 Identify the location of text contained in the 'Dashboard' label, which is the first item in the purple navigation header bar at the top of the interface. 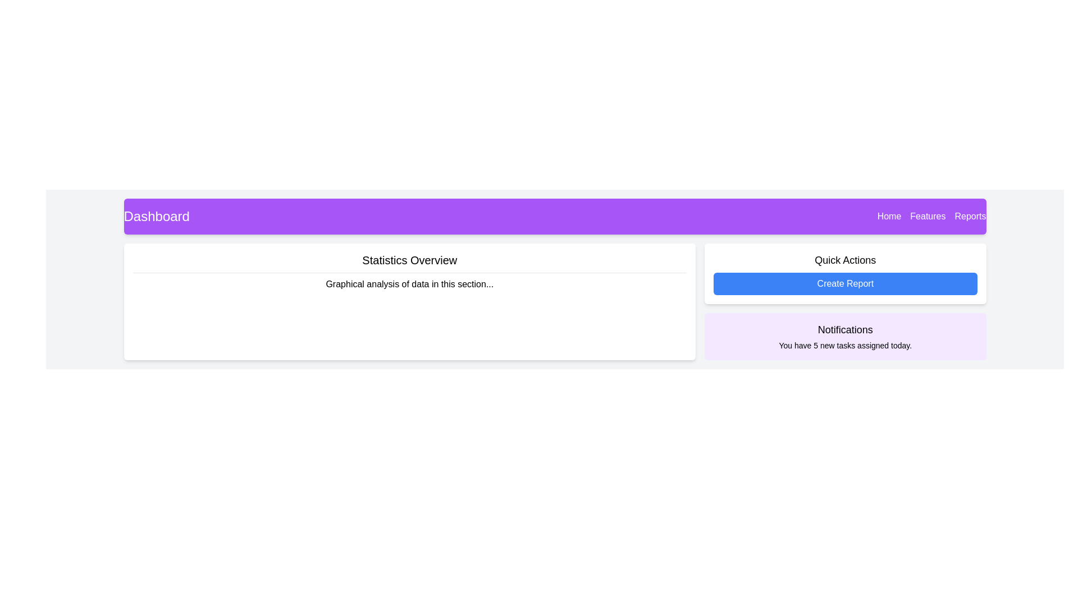
(156, 216).